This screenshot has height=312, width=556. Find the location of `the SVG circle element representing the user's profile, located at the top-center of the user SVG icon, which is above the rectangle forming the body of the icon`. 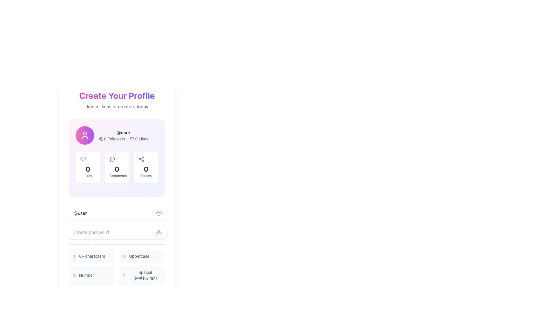

the SVG circle element representing the user's profile, located at the top-center of the user SVG icon, which is above the rectangle forming the body of the icon is located at coordinates (84, 133).